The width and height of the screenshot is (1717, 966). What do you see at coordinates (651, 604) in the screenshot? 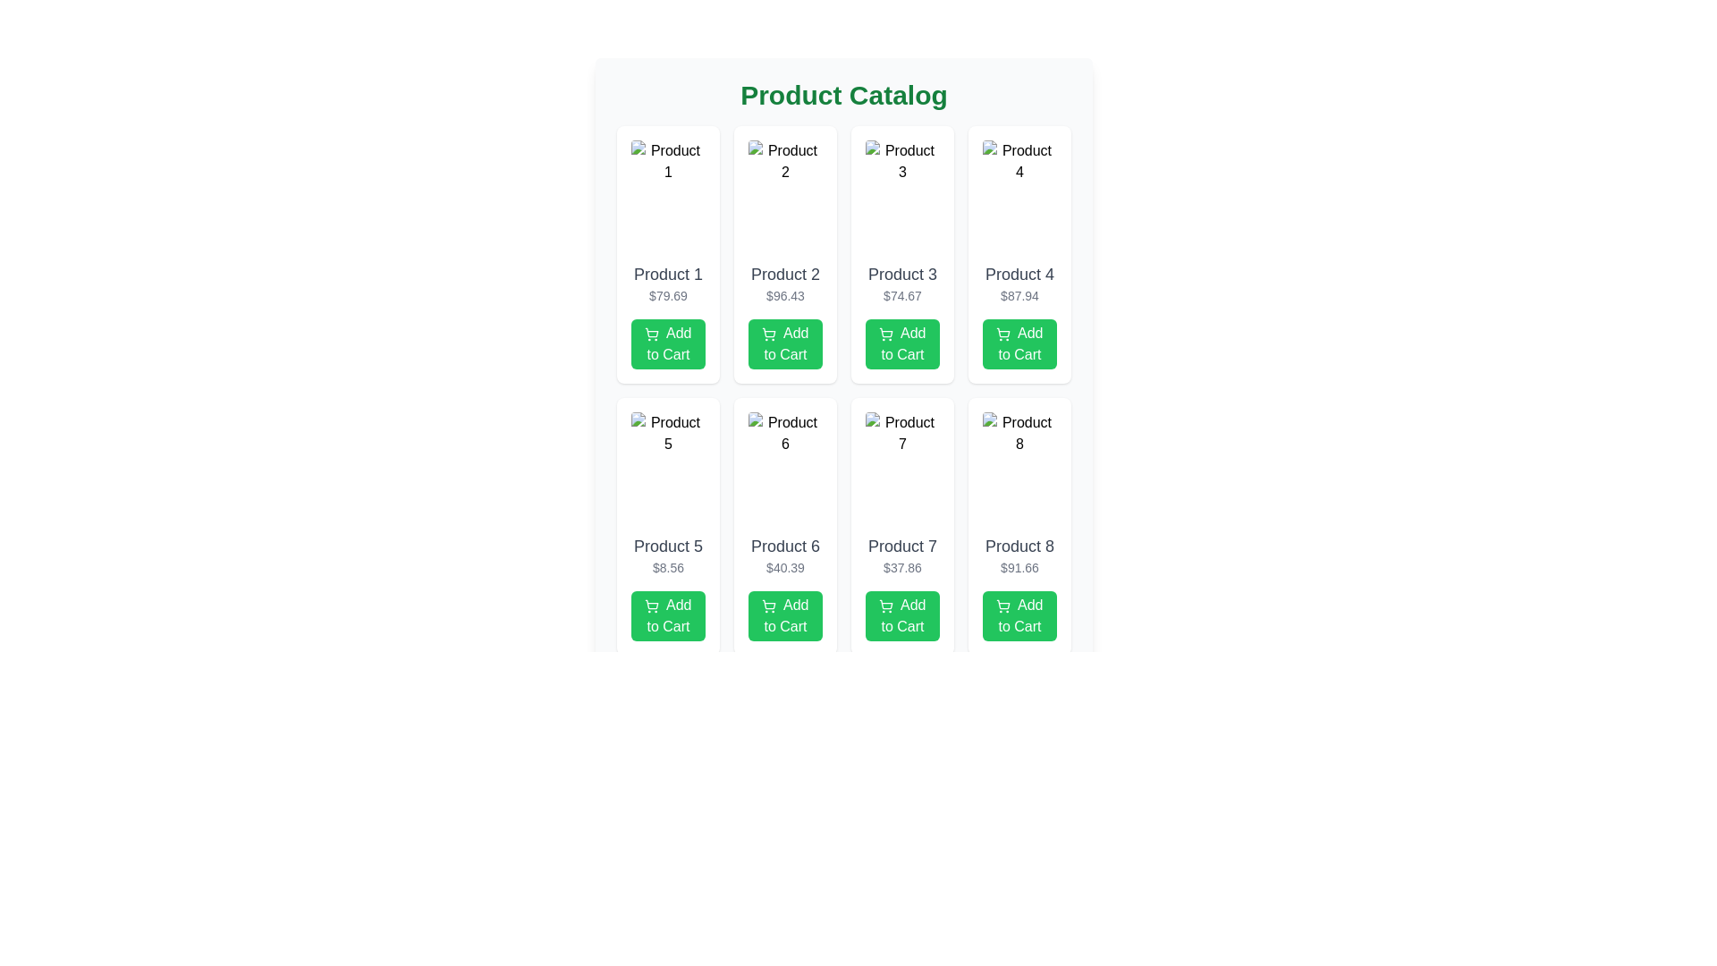
I see `the 'Add to Cart' button that contains the shopping cart icon, which is located under the 'Product 5' display` at bounding box center [651, 604].